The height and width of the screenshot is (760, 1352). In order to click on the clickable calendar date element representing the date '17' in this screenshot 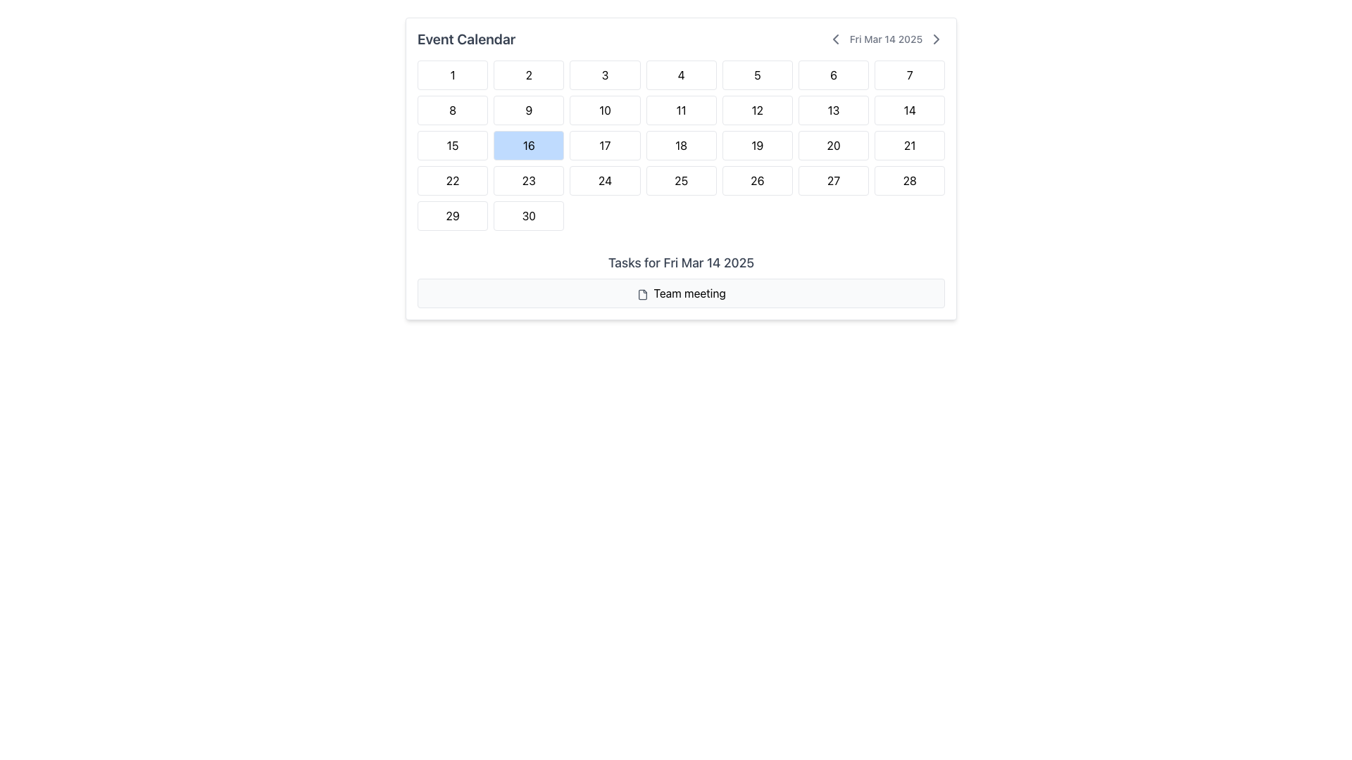, I will do `click(605, 146)`.